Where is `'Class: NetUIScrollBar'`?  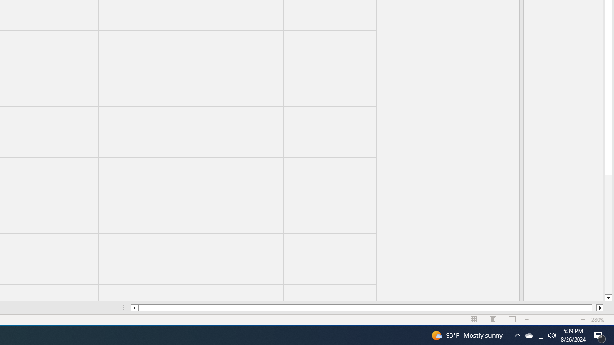 'Class: NetUIScrollBar' is located at coordinates (366, 308).